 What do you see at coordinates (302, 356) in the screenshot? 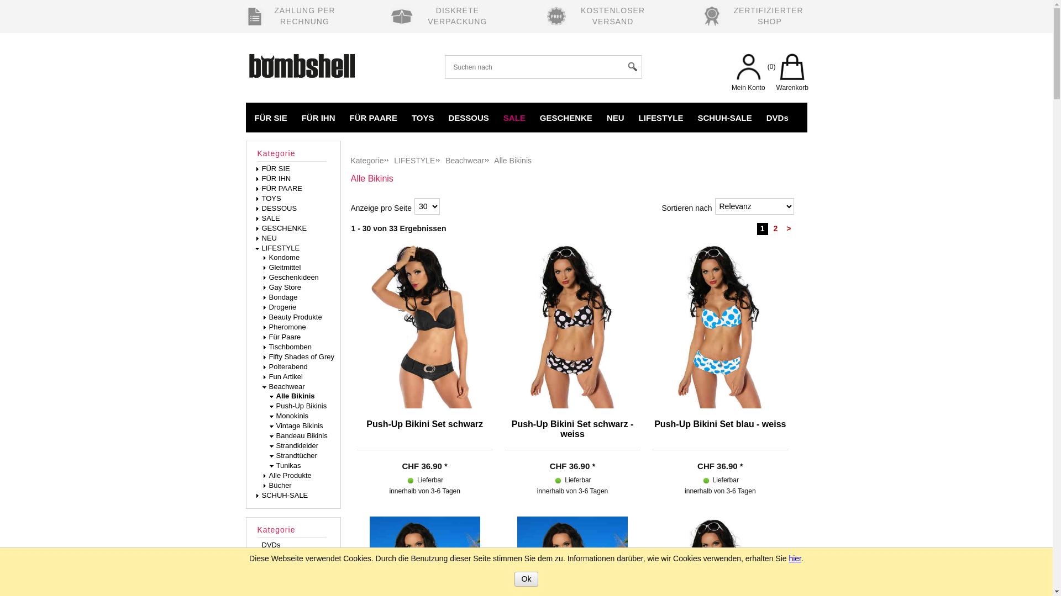
I see `' Fifty Shades of Grey'` at bounding box center [302, 356].